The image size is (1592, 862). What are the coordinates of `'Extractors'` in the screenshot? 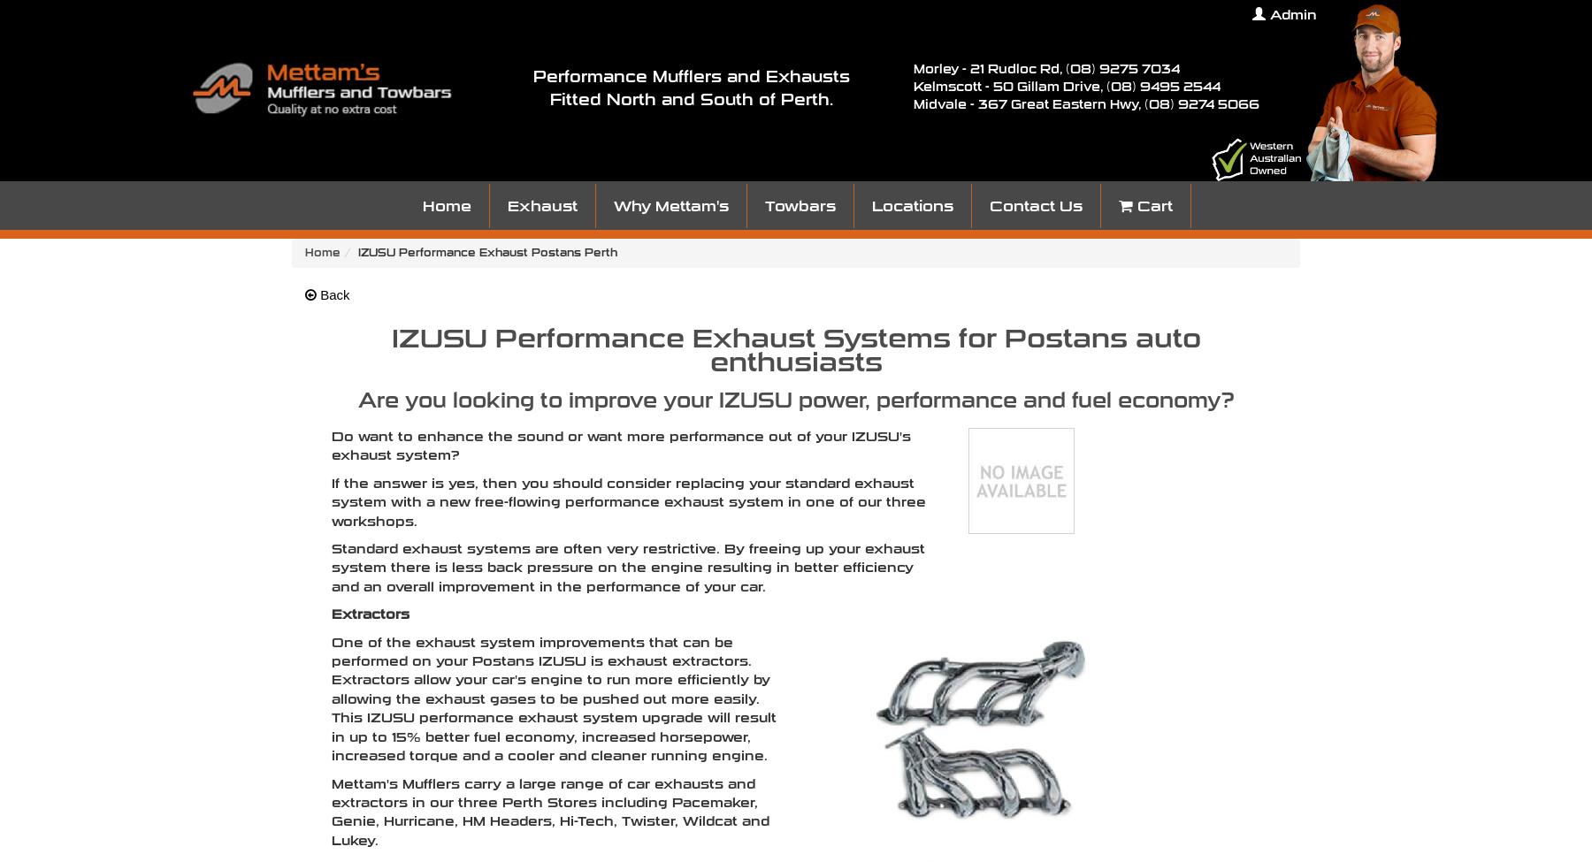 It's located at (331, 613).